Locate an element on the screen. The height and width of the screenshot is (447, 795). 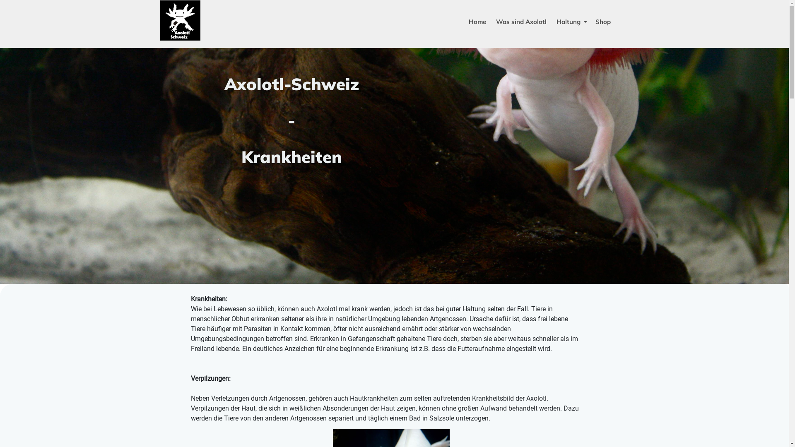
'Was sind Axolotl' is located at coordinates (520, 22).